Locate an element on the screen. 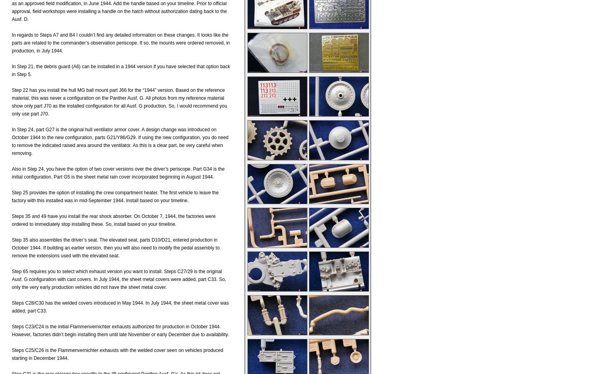 The width and height of the screenshot is (592, 374). 'Step 25 provides the option of installing the crew compartment heater. The first vehicle to leave the factory with this installed was in mid-September 1944. Install based on your timeline.' is located at coordinates (12, 196).